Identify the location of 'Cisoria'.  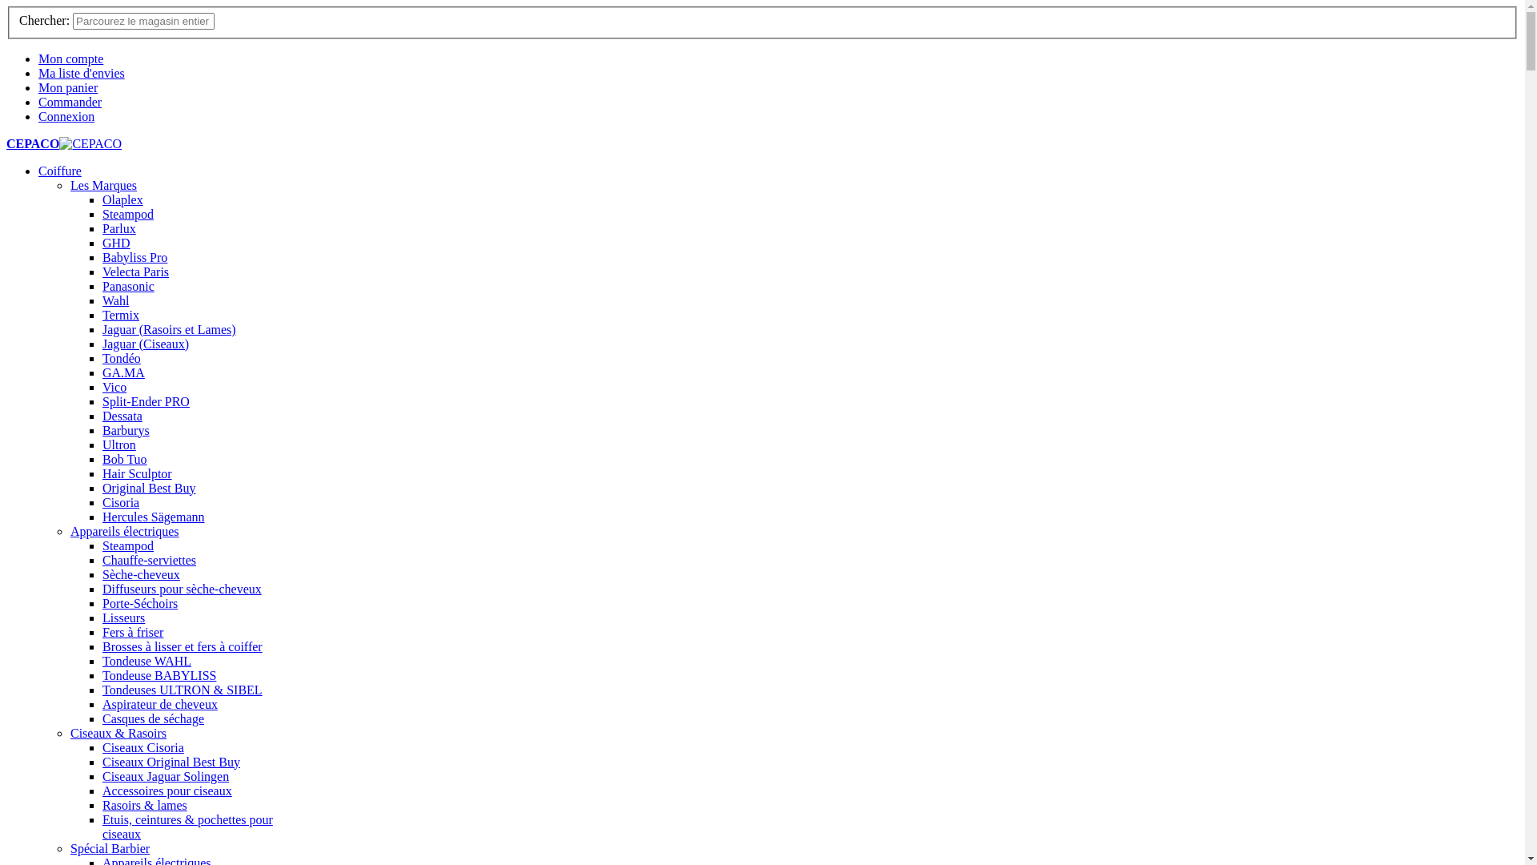
(119, 501).